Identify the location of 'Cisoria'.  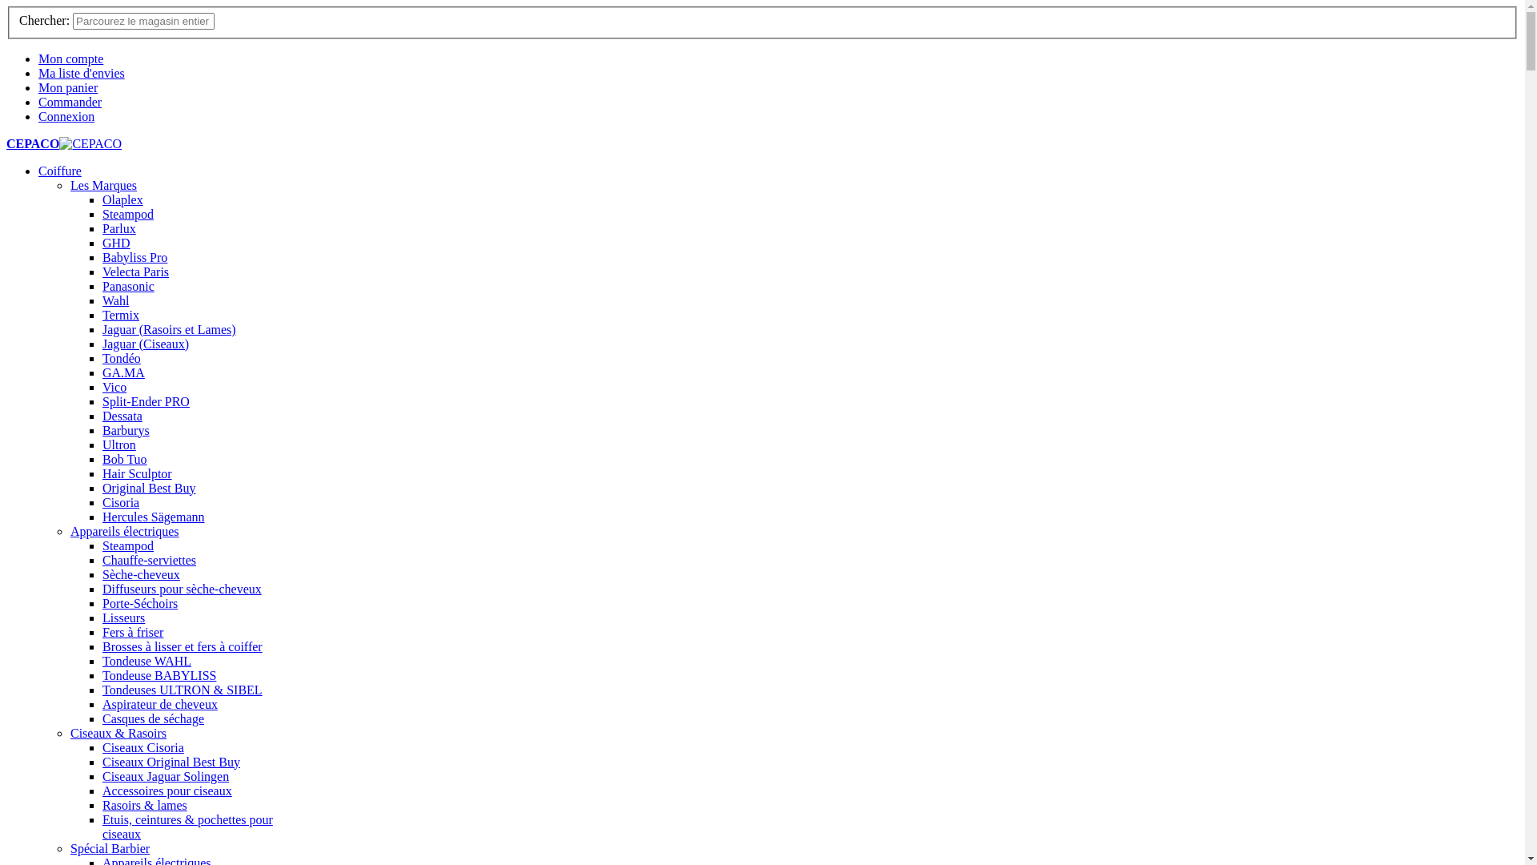
(119, 501).